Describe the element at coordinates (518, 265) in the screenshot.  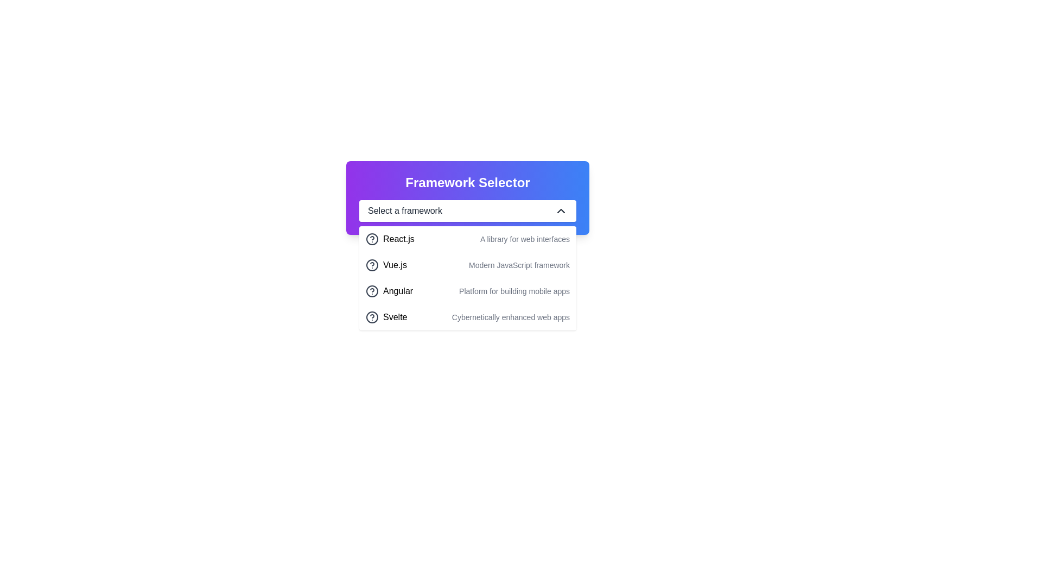
I see `the static text label that describes 'Vue.js' as a 'Modern JavaScript framework' in the Framework Selector dropdown menu` at that location.